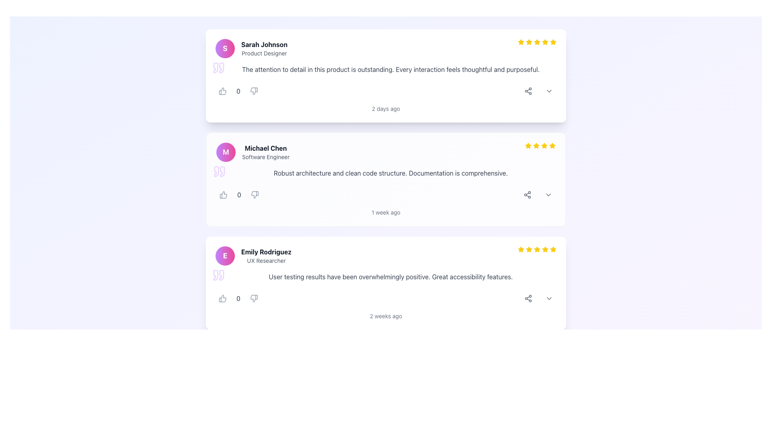  What do you see at coordinates (545, 42) in the screenshot?
I see `the fifth rating star in the five-star review system to assign a five-star rating` at bounding box center [545, 42].